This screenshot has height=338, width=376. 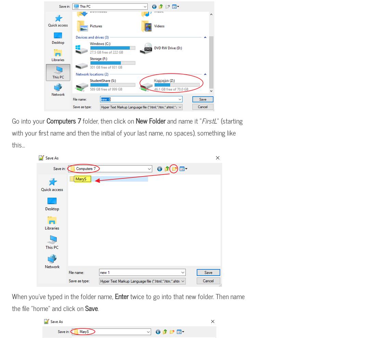 What do you see at coordinates (184, 121) in the screenshot?
I see `'and name it "'` at bounding box center [184, 121].